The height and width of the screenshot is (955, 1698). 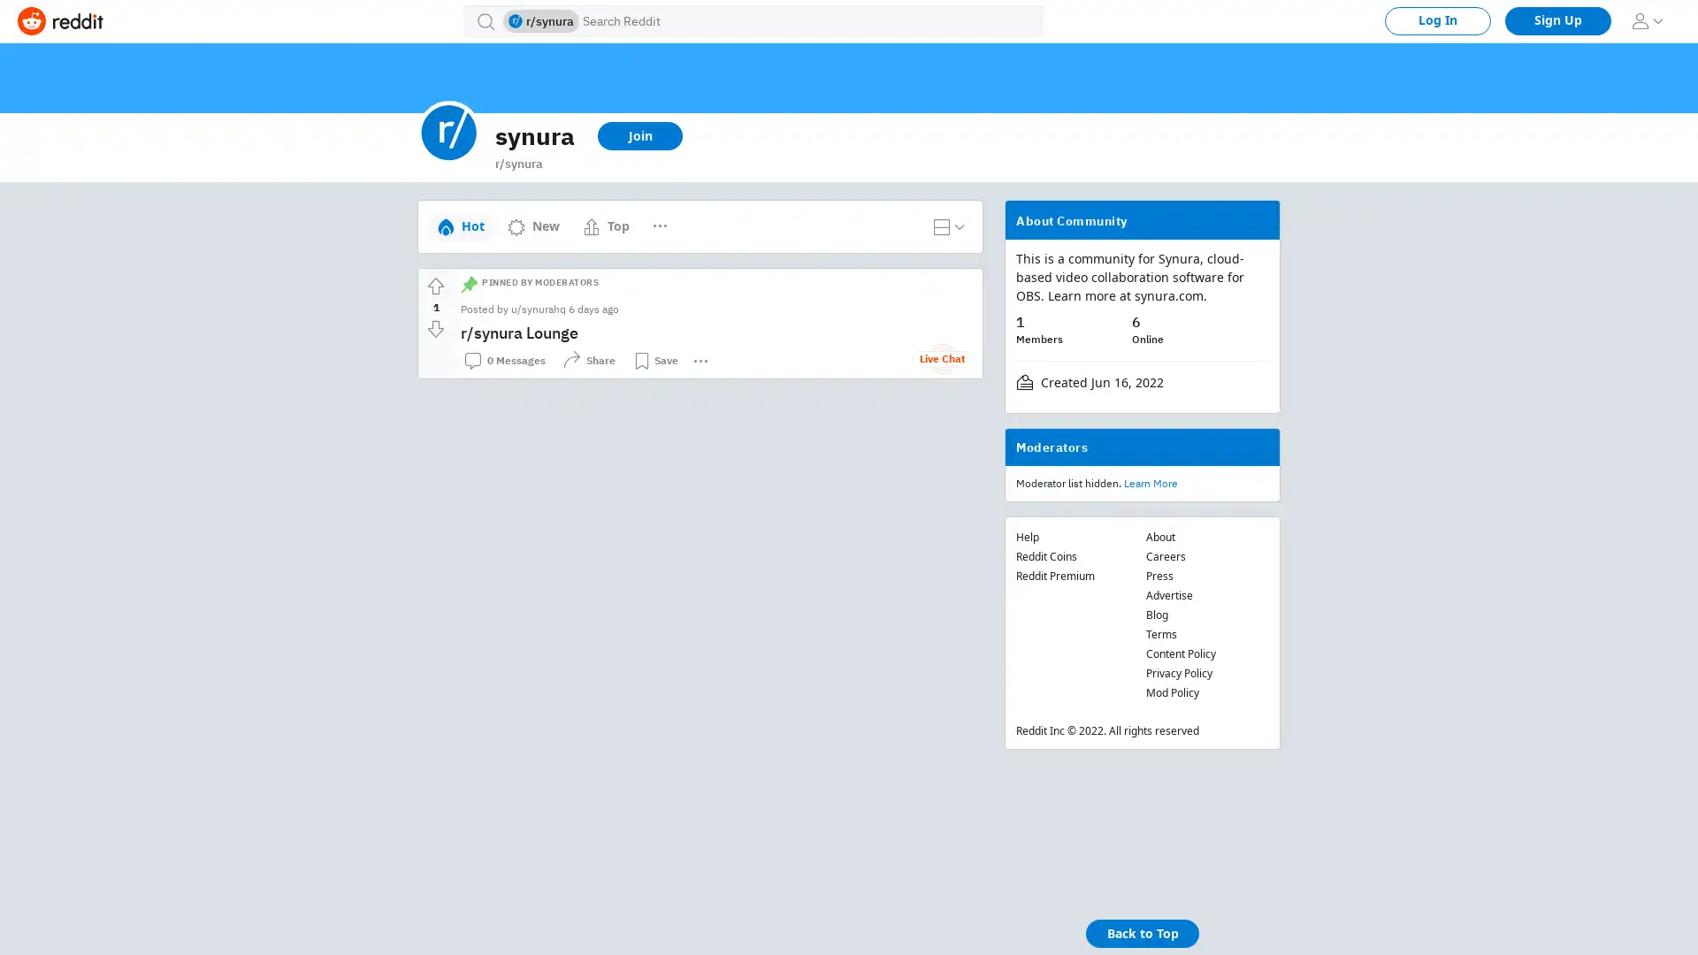 I want to click on Sign Up, so click(x=1557, y=20).